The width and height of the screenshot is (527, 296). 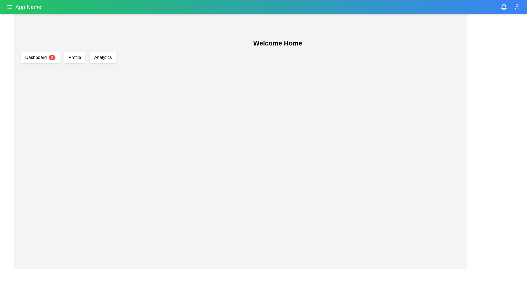 What do you see at coordinates (74, 57) in the screenshot?
I see `the 'Profile' button, which is a rectangular button with rounded corners and a white background, located between the 'Dashboard' button and the 'Analytics' button` at bounding box center [74, 57].